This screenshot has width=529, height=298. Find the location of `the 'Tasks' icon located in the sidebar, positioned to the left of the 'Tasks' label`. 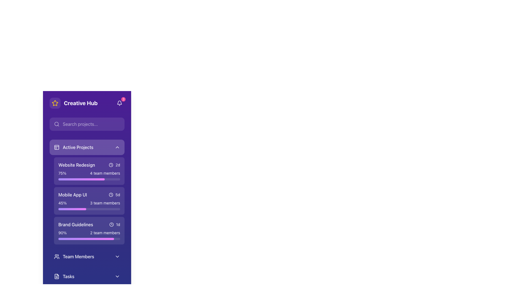

the 'Tasks' icon located in the sidebar, positioned to the left of the 'Tasks' label is located at coordinates (57, 276).